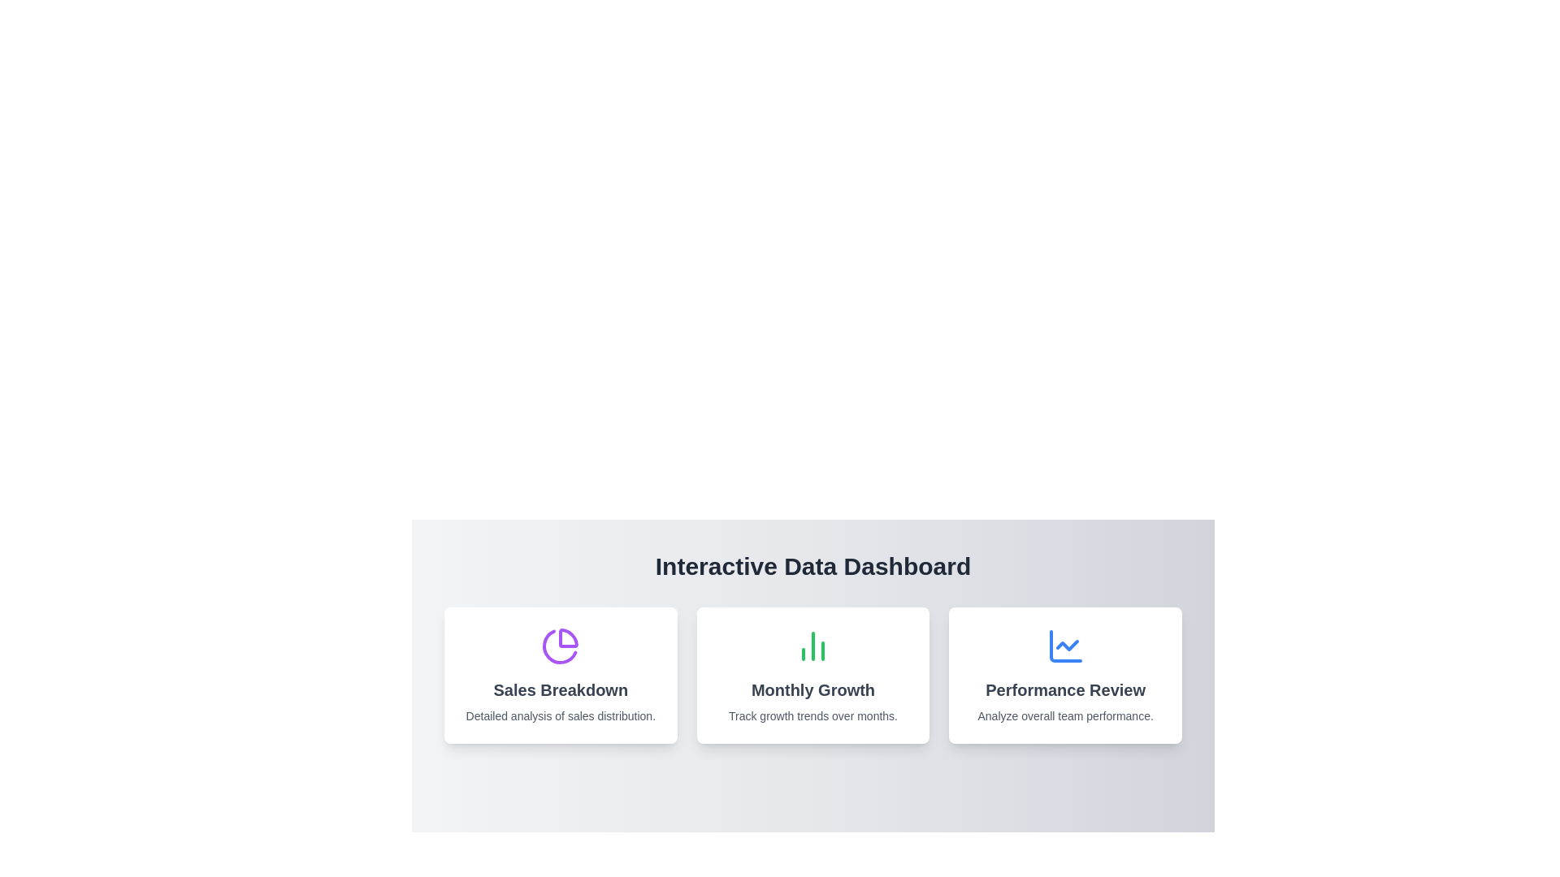  What do you see at coordinates (812, 676) in the screenshot?
I see `the Card containing textual and graphical information for navigation, located at the center of a three-card layout within the dashboard` at bounding box center [812, 676].